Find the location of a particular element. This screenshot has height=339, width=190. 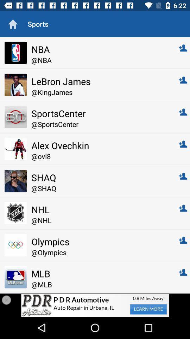

icon above shaq icon is located at coordinates (100, 156).